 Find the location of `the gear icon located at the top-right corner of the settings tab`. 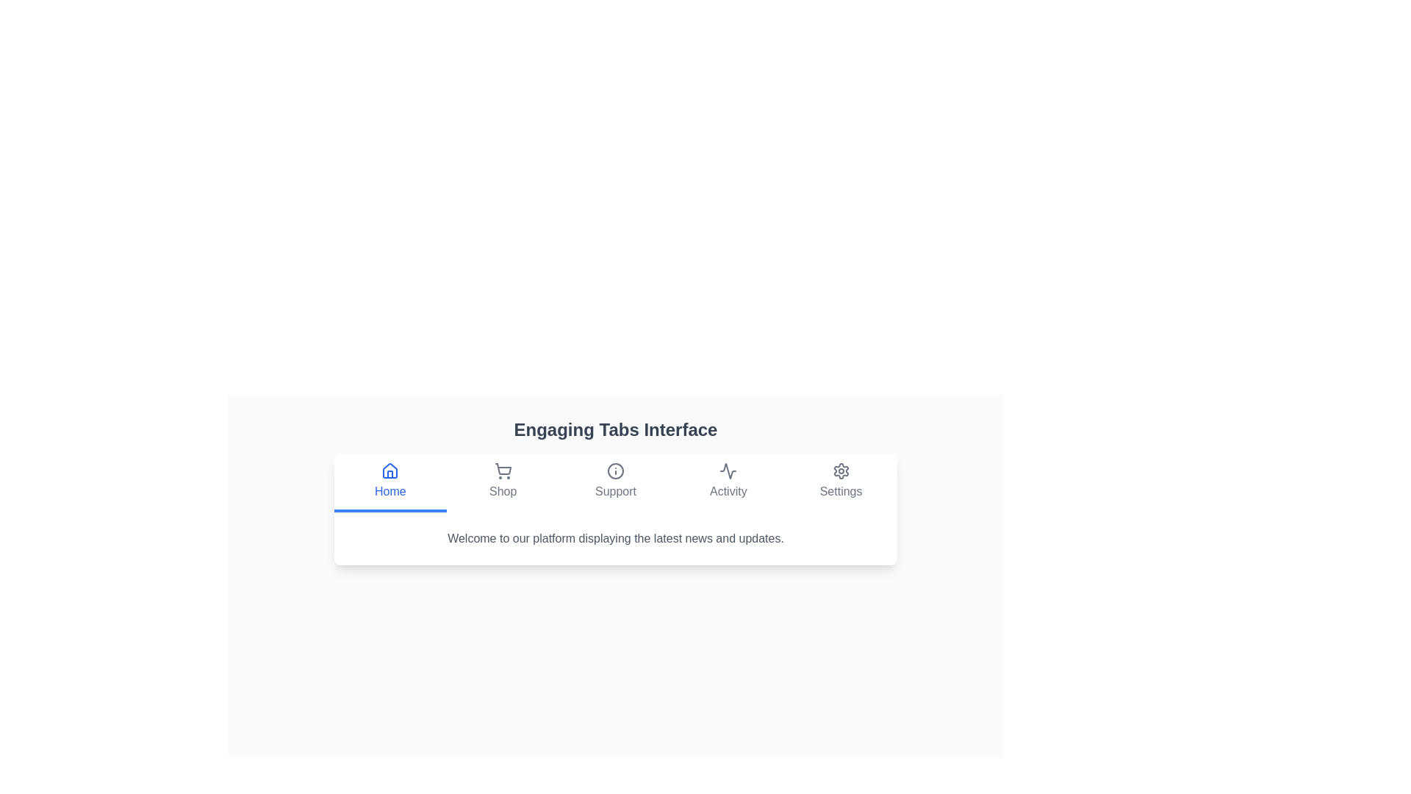

the gear icon located at the top-right corner of the settings tab is located at coordinates (841, 471).